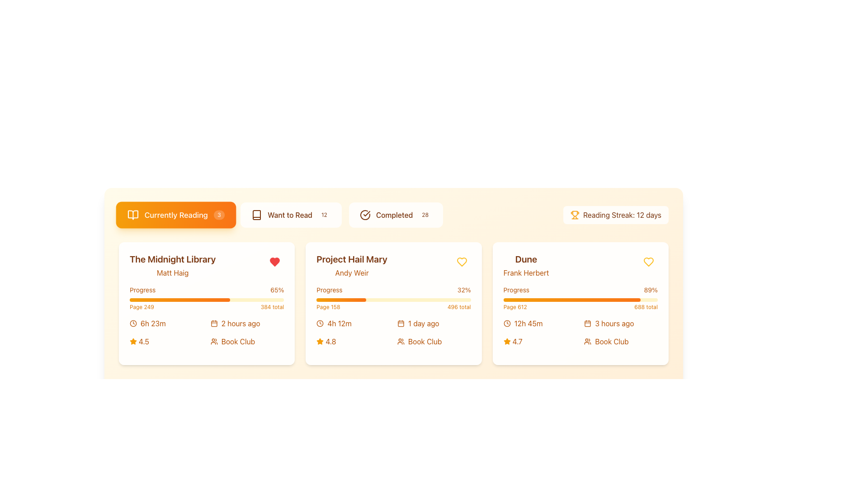 This screenshot has width=868, height=488. What do you see at coordinates (650, 290) in the screenshot?
I see `the static text label displaying '89%' in bold amber text, located in the third column of cards labeled 'Dune', near the bottom-right corner of the card` at bounding box center [650, 290].